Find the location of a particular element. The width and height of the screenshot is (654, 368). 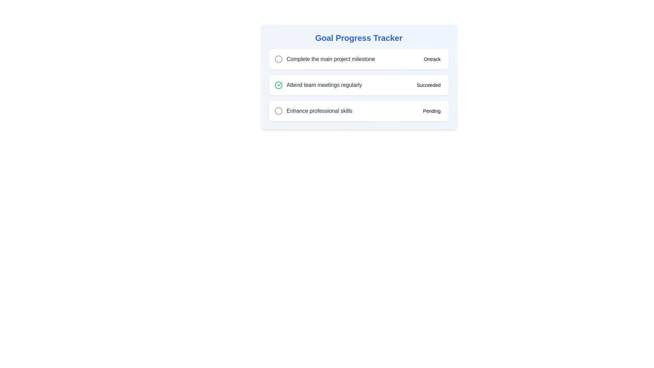

the outlined gray circle icon located to the left of the text 'Complete the main project milestone' in the 'Goal Progress Tracker' section is located at coordinates (278, 59).